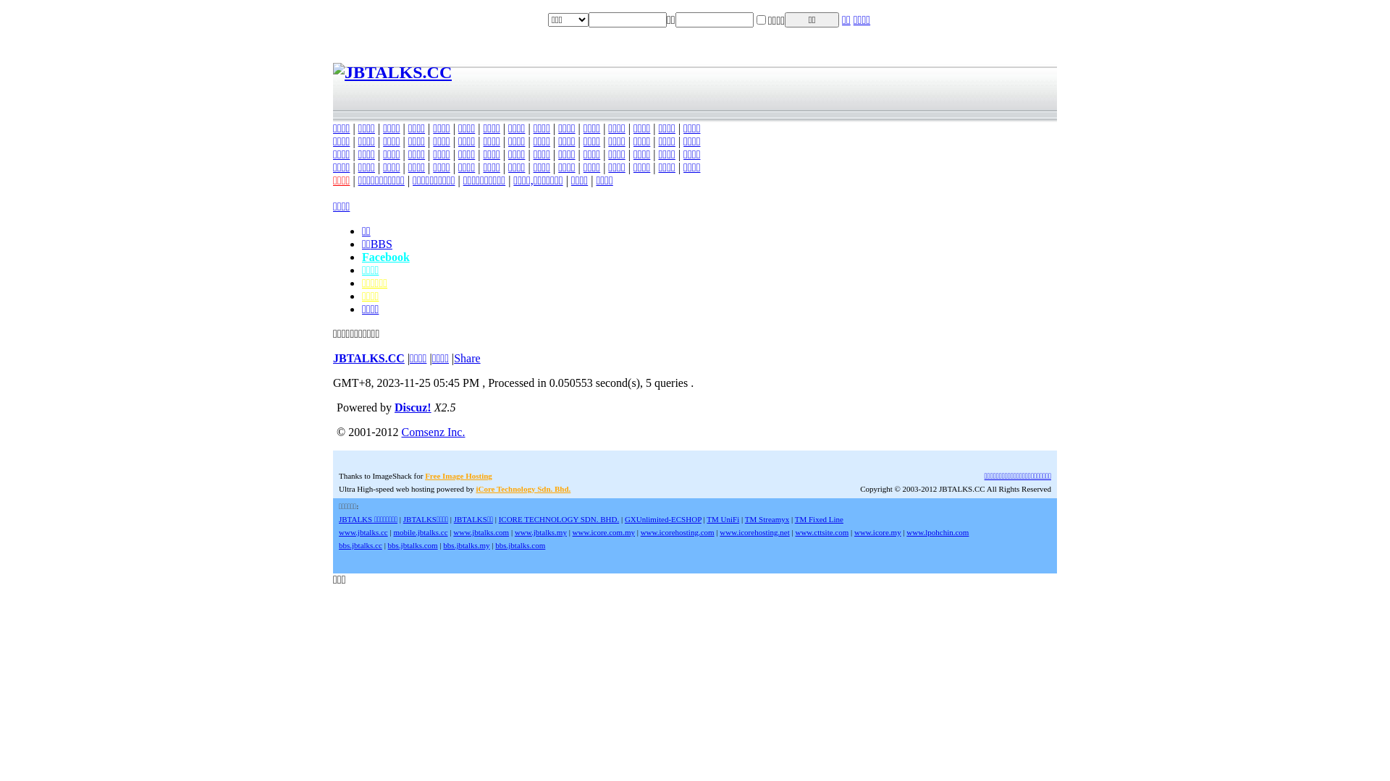  What do you see at coordinates (819, 518) in the screenshot?
I see `'TM Fixed Line'` at bounding box center [819, 518].